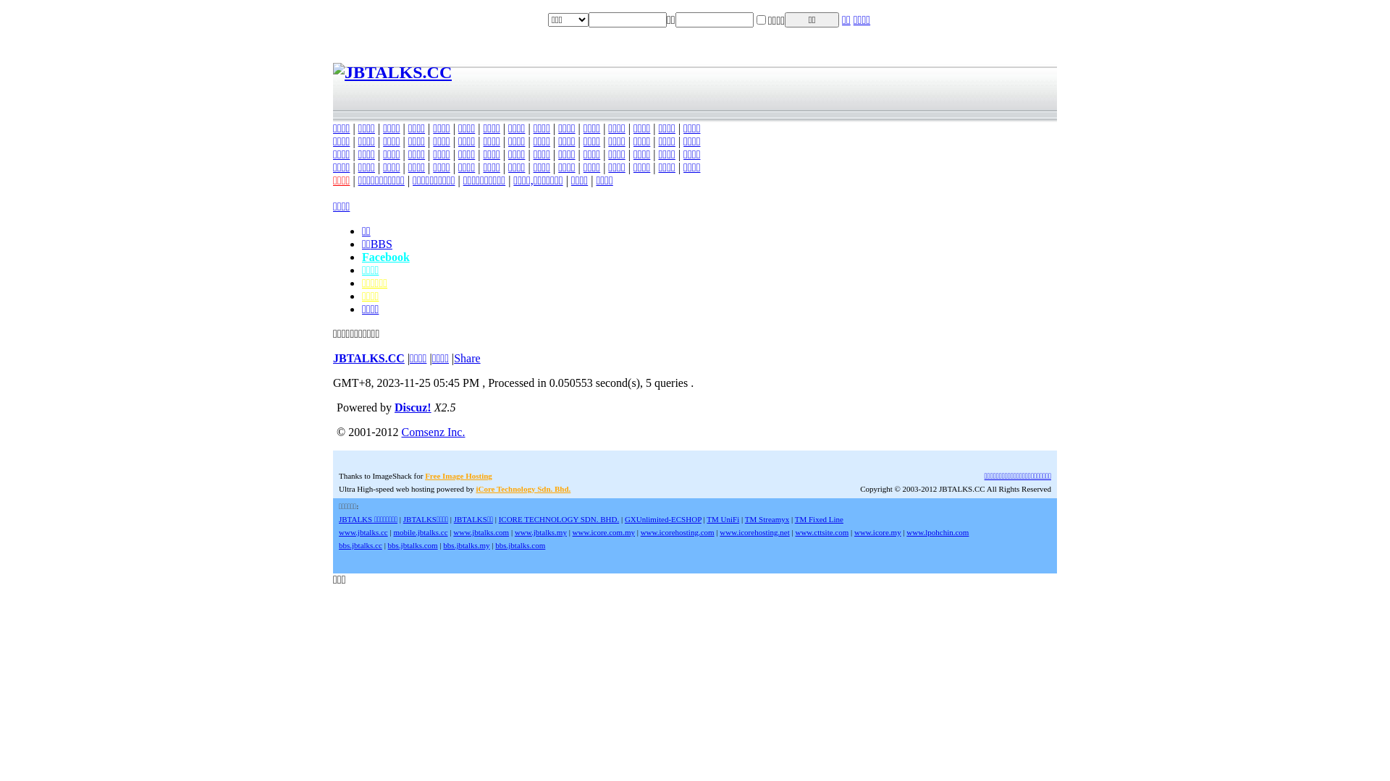  What do you see at coordinates (819, 518) in the screenshot?
I see `'TM Fixed Line'` at bounding box center [819, 518].